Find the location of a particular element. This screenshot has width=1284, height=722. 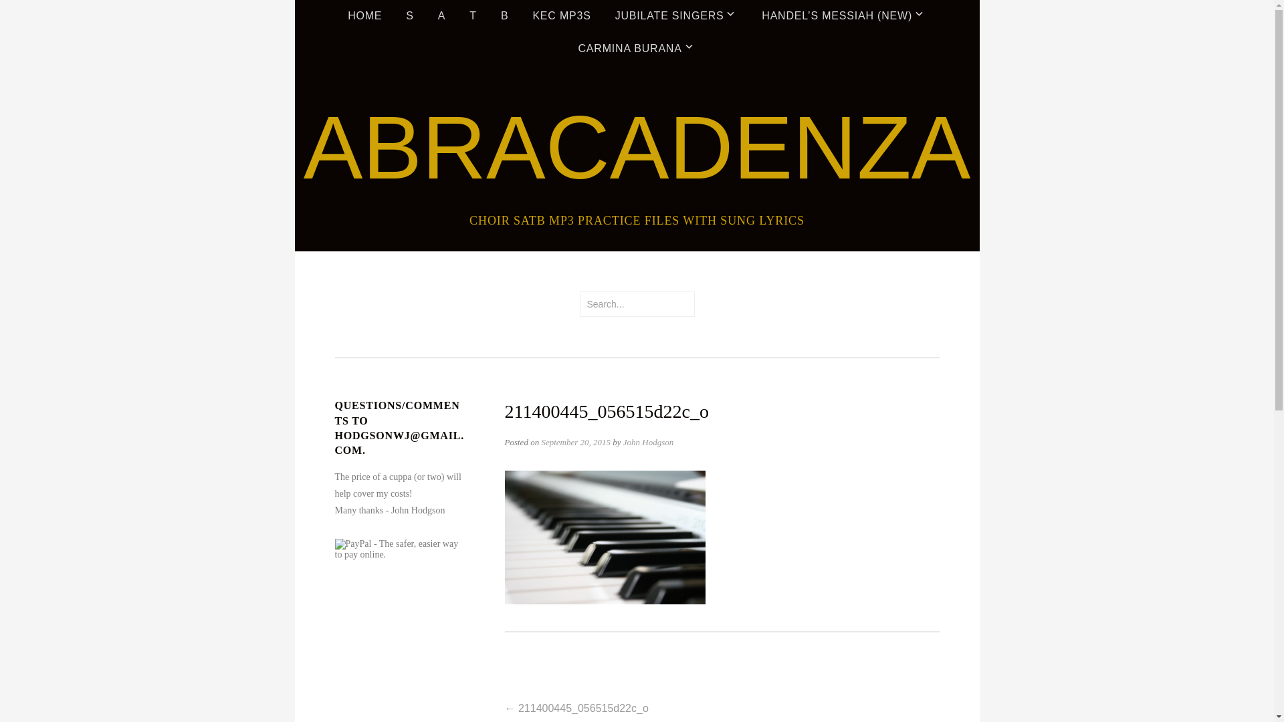

'T' is located at coordinates (459, 16).